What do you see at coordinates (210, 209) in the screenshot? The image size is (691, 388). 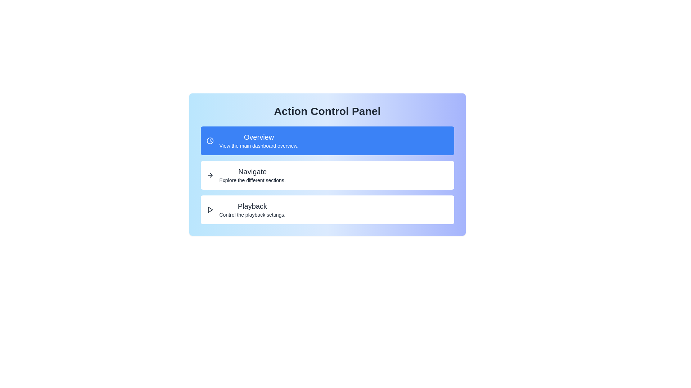 I see `the triangular play icon located within the 'Playback' button in the Action Control Panel, which is the bottom item of a three-button stack` at bounding box center [210, 209].